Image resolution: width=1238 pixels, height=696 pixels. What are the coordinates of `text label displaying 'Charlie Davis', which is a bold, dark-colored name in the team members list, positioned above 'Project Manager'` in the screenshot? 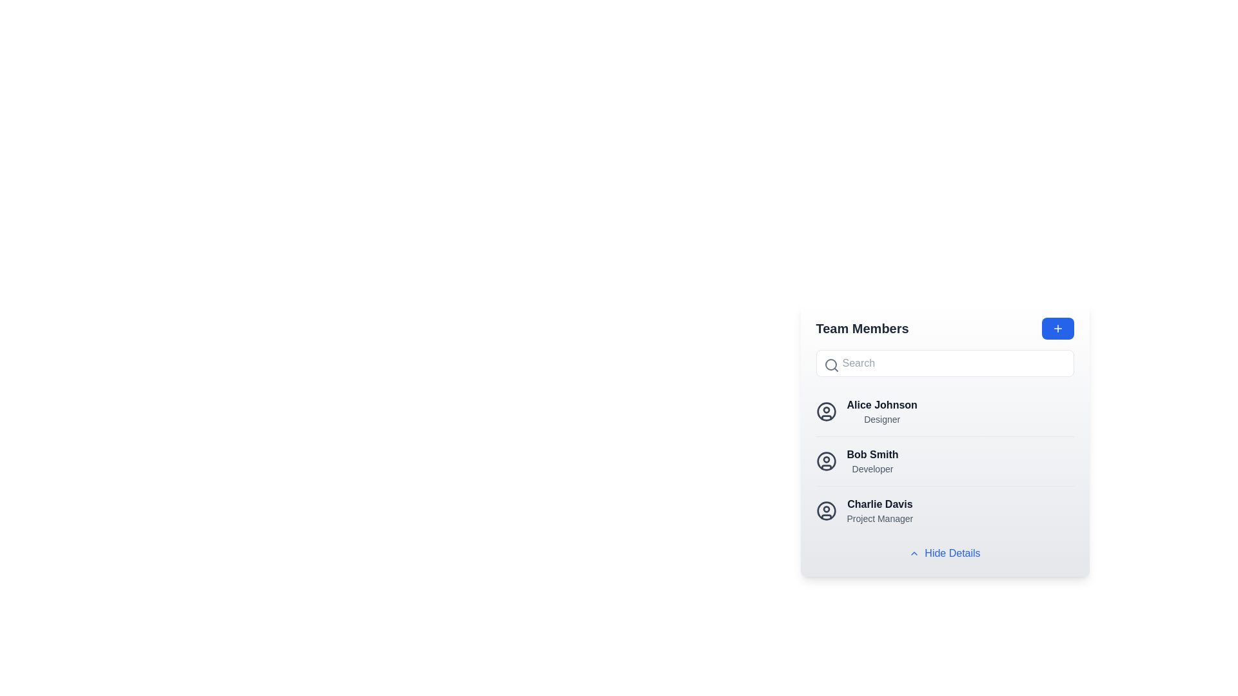 It's located at (879, 504).